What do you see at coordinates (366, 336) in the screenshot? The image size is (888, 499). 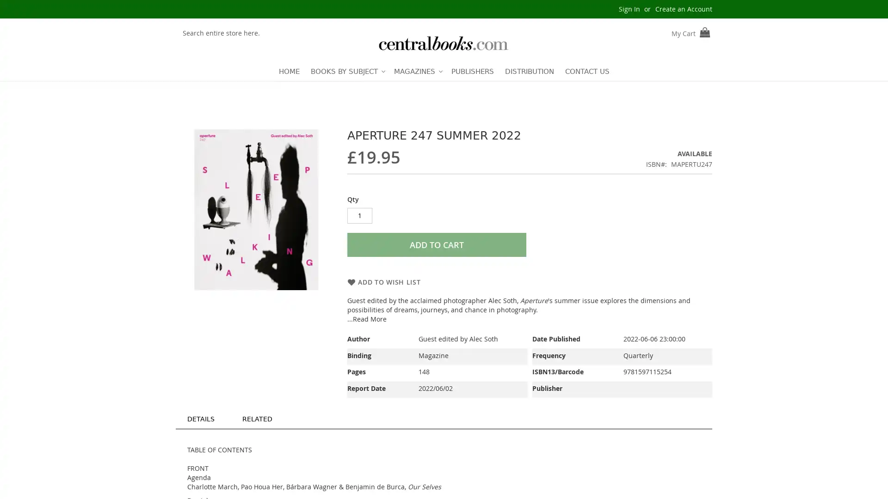 I see `...Read More` at bounding box center [366, 336].